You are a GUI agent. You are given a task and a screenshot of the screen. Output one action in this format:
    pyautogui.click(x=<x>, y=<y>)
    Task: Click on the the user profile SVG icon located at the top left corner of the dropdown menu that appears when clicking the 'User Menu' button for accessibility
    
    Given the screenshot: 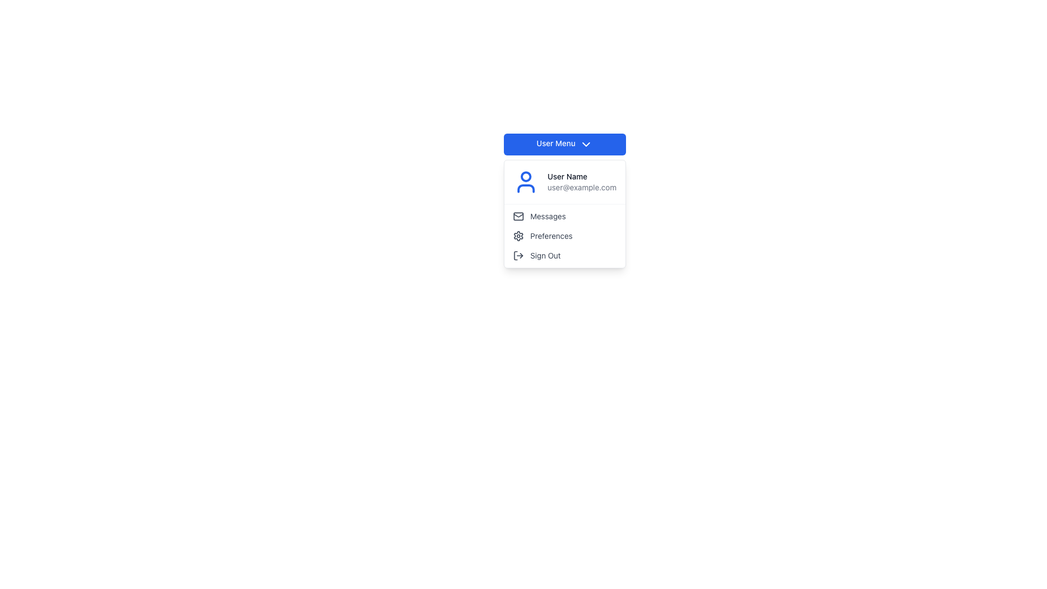 What is the action you would take?
    pyautogui.click(x=526, y=188)
    